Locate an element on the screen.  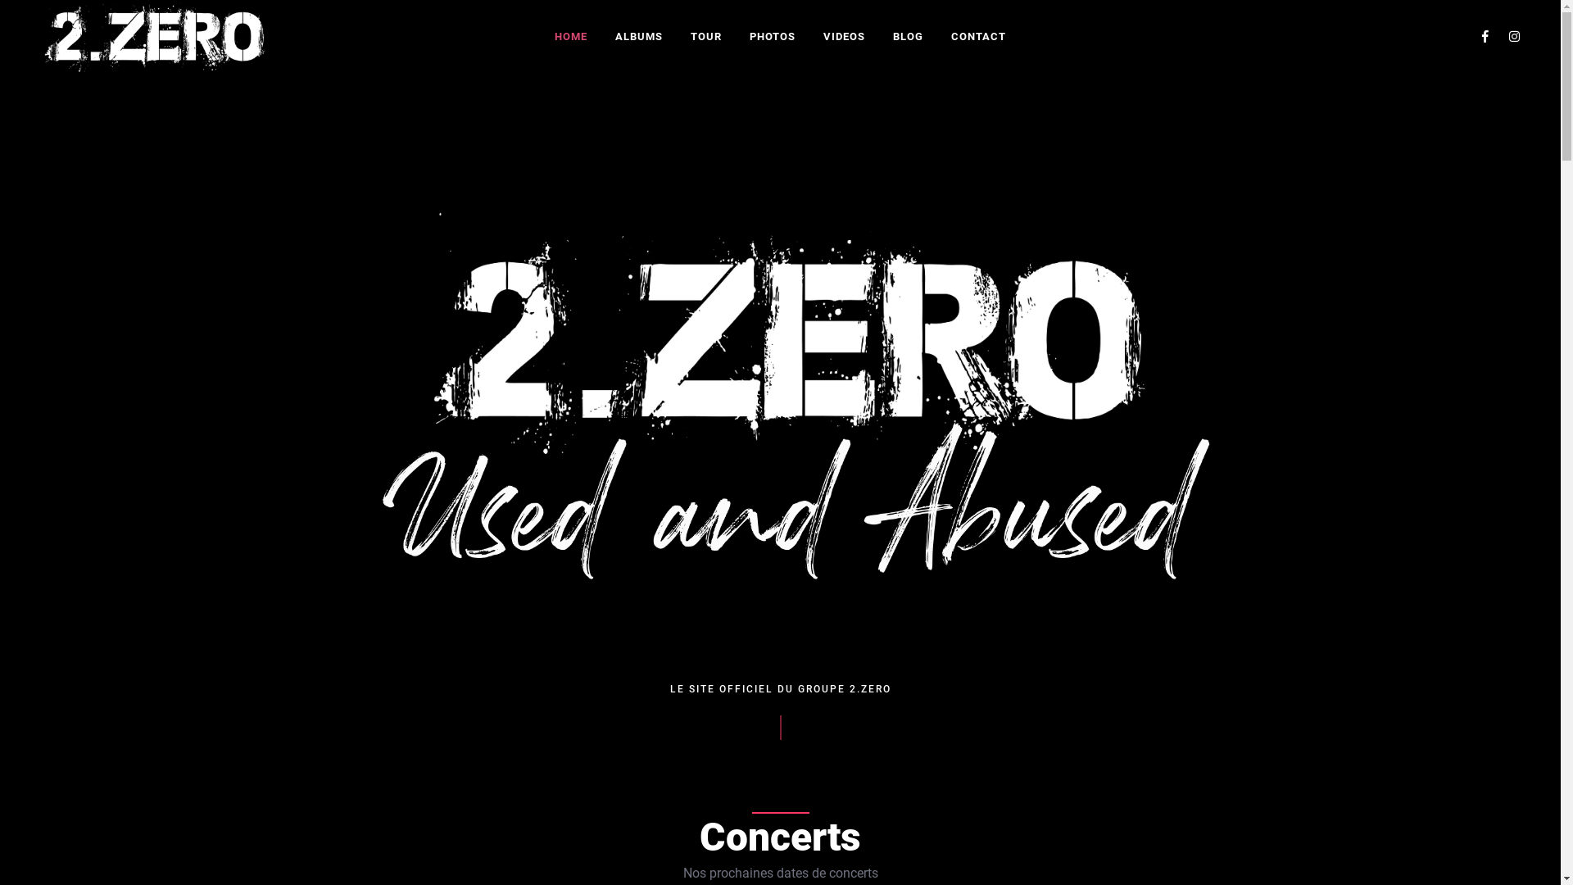
'HOME' is located at coordinates (542, 36).